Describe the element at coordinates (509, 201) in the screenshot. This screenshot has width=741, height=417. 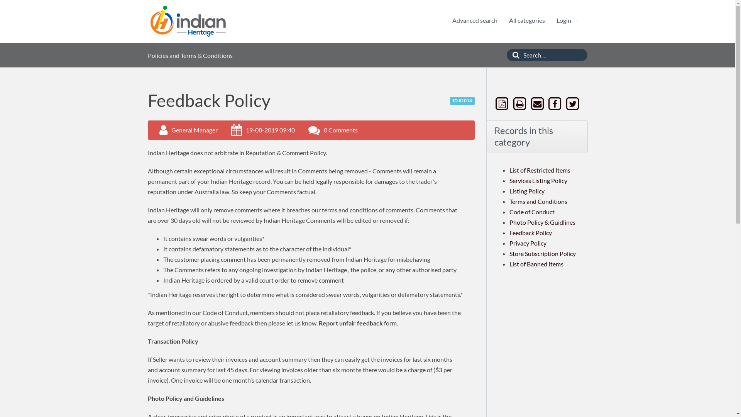
I see `'Terms and Conditions'` at that location.